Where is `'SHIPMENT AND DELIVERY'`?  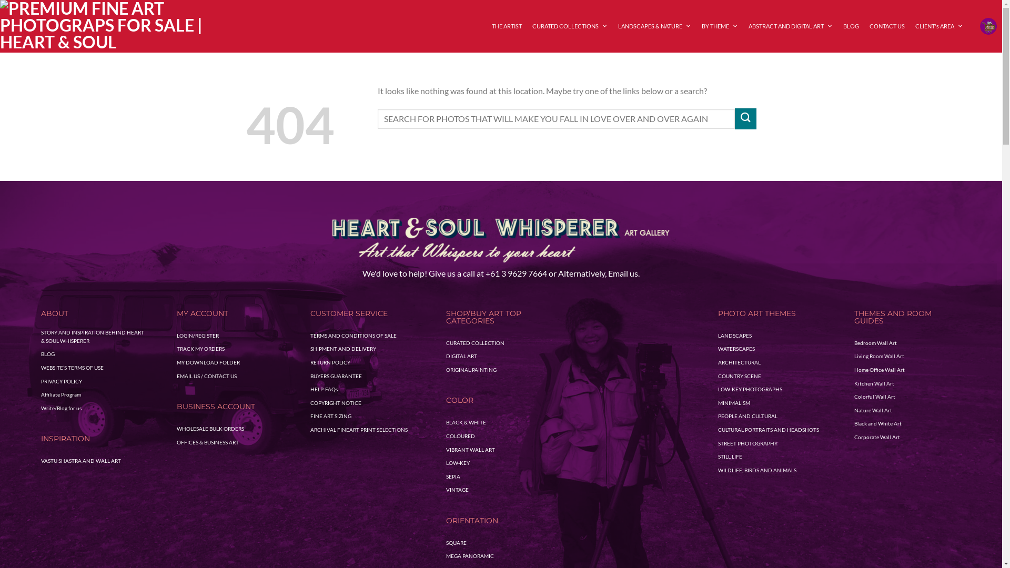 'SHIPMENT AND DELIVERY' is located at coordinates (343, 349).